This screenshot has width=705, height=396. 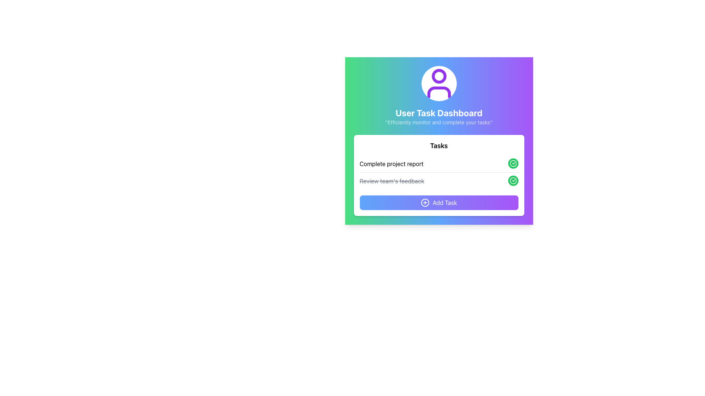 I want to click on the green circular button with a white checkmark inside, located to the right of the 'Review team's feedback' text in the 'Tasks' section of the dashboard, to change the task status, so click(x=513, y=181).